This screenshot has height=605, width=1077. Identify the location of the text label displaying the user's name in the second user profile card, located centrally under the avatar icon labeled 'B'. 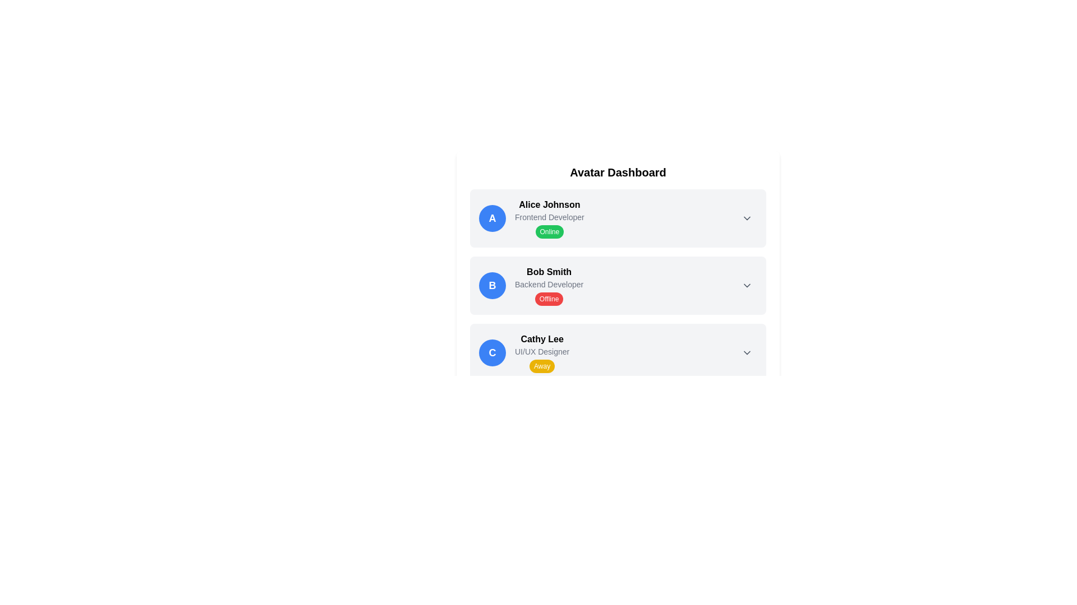
(549, 272).